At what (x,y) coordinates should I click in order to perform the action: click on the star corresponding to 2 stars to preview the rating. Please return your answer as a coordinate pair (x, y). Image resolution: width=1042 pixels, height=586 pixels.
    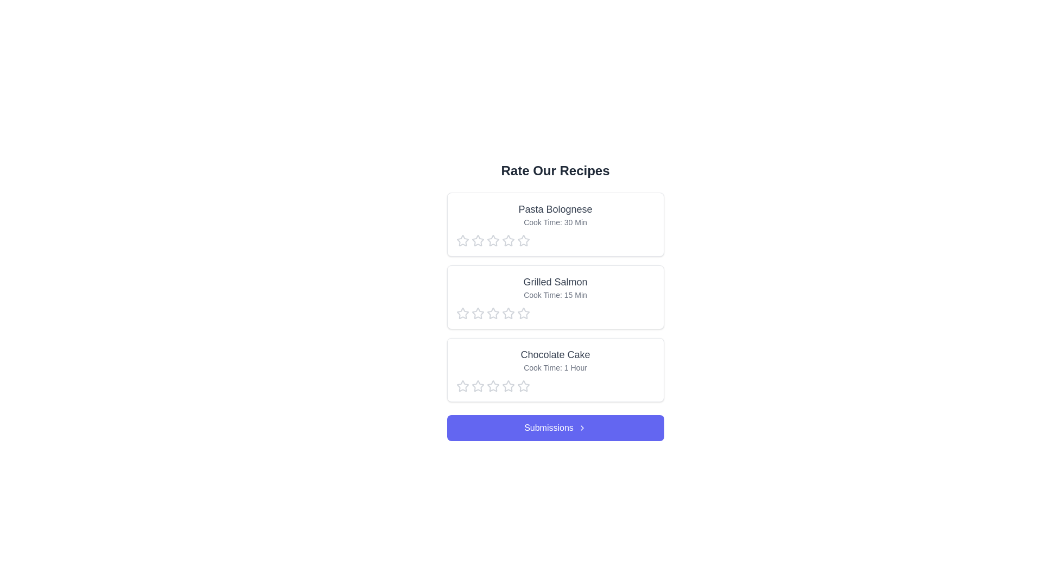
    Looking at the image, I should click on (478, 240).